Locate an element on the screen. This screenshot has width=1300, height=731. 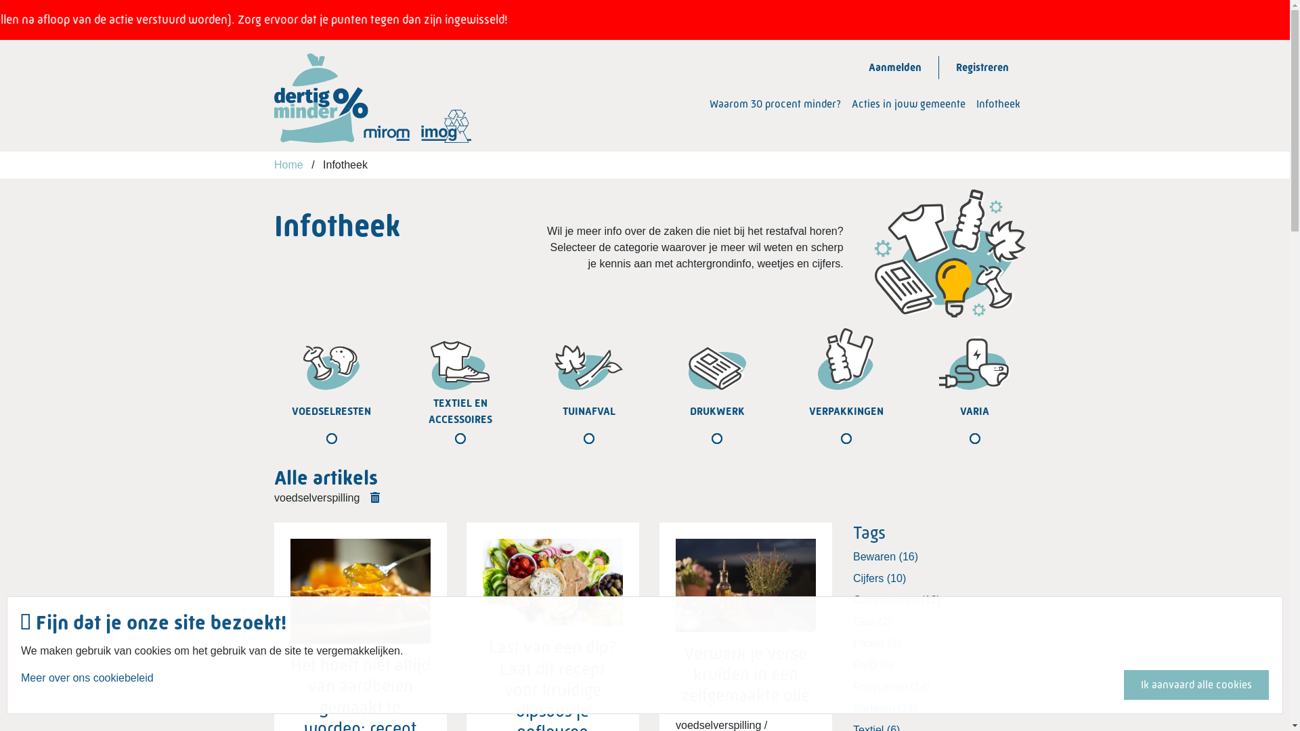
'Waarom 30 procent minder?' is located at coordinates (708, 103).